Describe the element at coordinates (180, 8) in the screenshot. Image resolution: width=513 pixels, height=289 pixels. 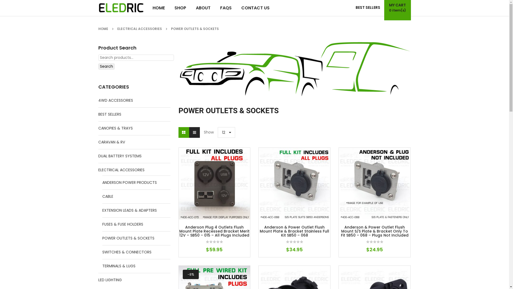
I see `'SHOP'` at that location.